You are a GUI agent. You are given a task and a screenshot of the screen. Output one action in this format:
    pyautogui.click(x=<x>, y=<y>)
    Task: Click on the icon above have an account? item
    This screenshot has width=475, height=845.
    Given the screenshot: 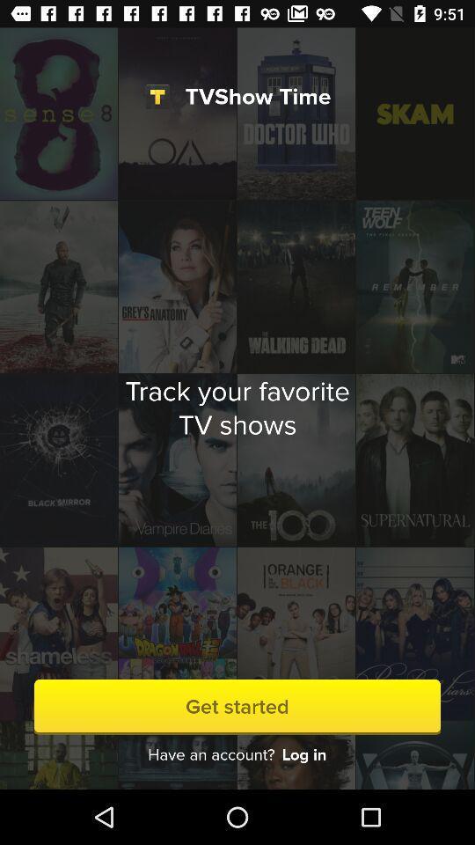 What is the action you would take?
    pyautogui.click(x=237, y=707)
    